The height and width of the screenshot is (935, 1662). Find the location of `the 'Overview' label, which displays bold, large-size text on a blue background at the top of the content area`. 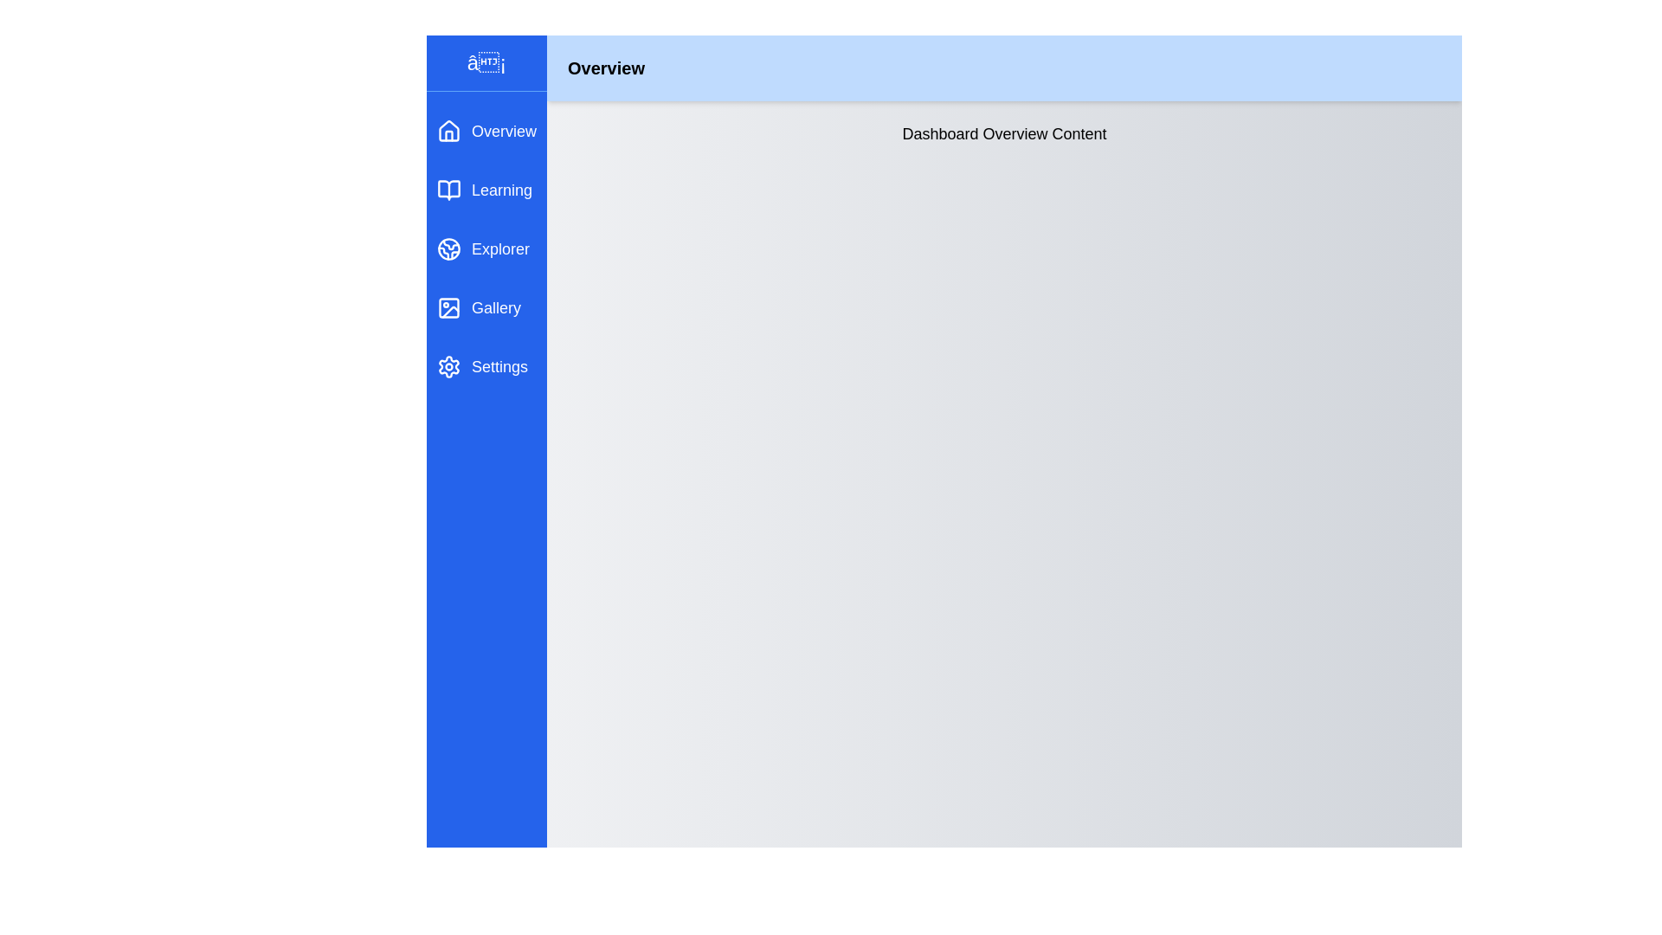

the 'Overview' label, which displays bold, large-size text on a blue background at the top of the content area is located at coordinates (606, 67).